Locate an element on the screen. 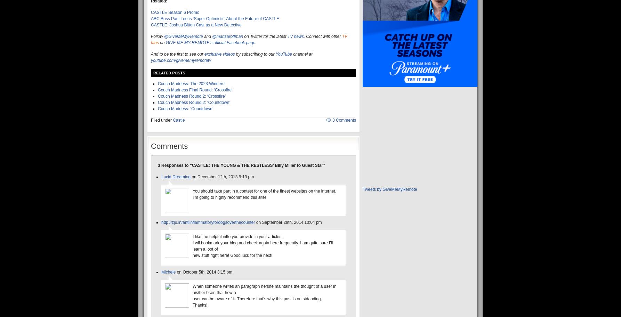  'CASTLE: Joshua Bitton Cast as a New Detective' is located at coordinates (196, 24).